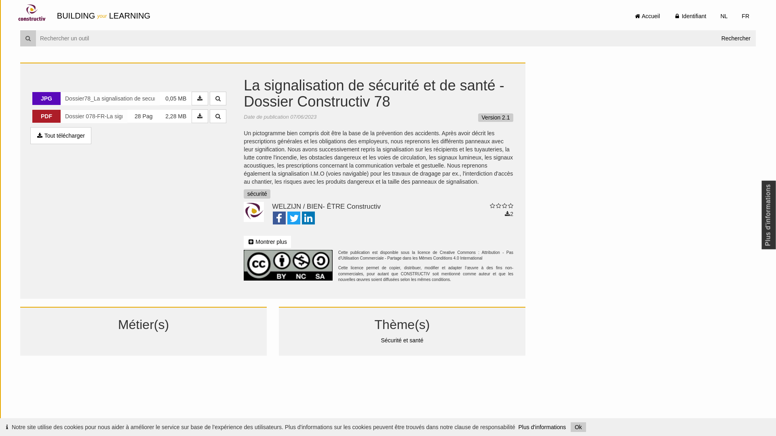  Describe the element at coordinates (279, 218) in the screenshot. I see `'Facebook'` at that location.